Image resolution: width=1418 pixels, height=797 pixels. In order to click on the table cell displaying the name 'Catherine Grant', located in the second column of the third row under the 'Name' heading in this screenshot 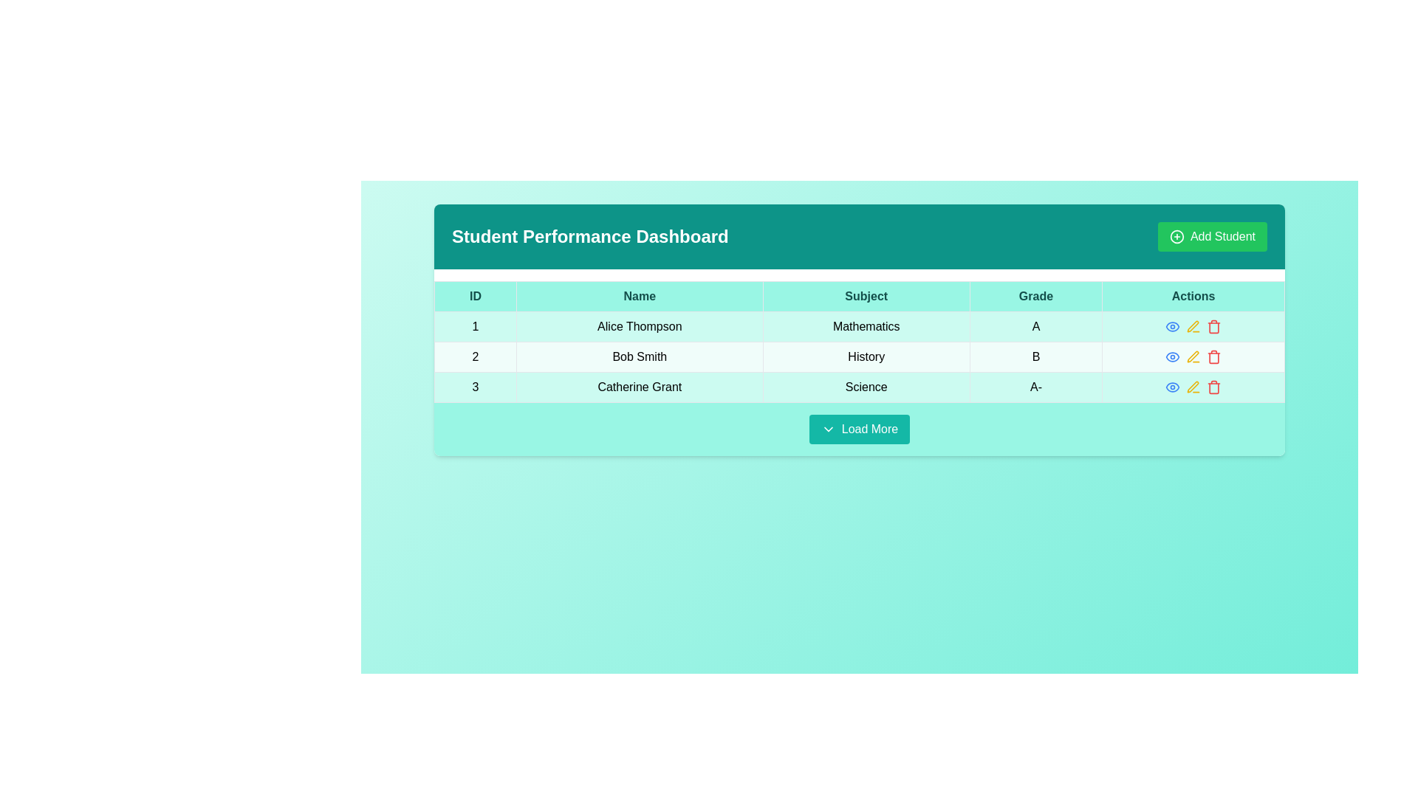, I will do `click(640, 386)`.